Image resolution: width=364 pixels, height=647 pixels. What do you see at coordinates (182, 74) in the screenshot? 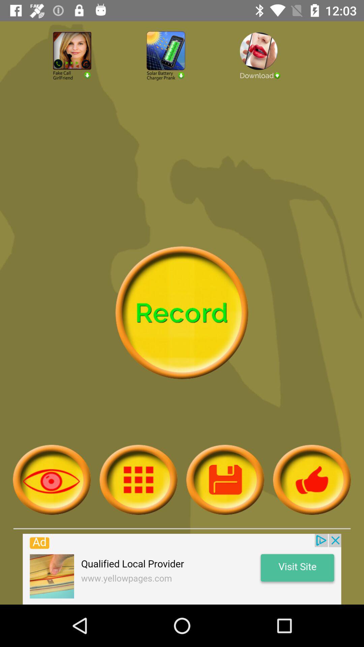
I see `games page` at bounding box center [182, 74].